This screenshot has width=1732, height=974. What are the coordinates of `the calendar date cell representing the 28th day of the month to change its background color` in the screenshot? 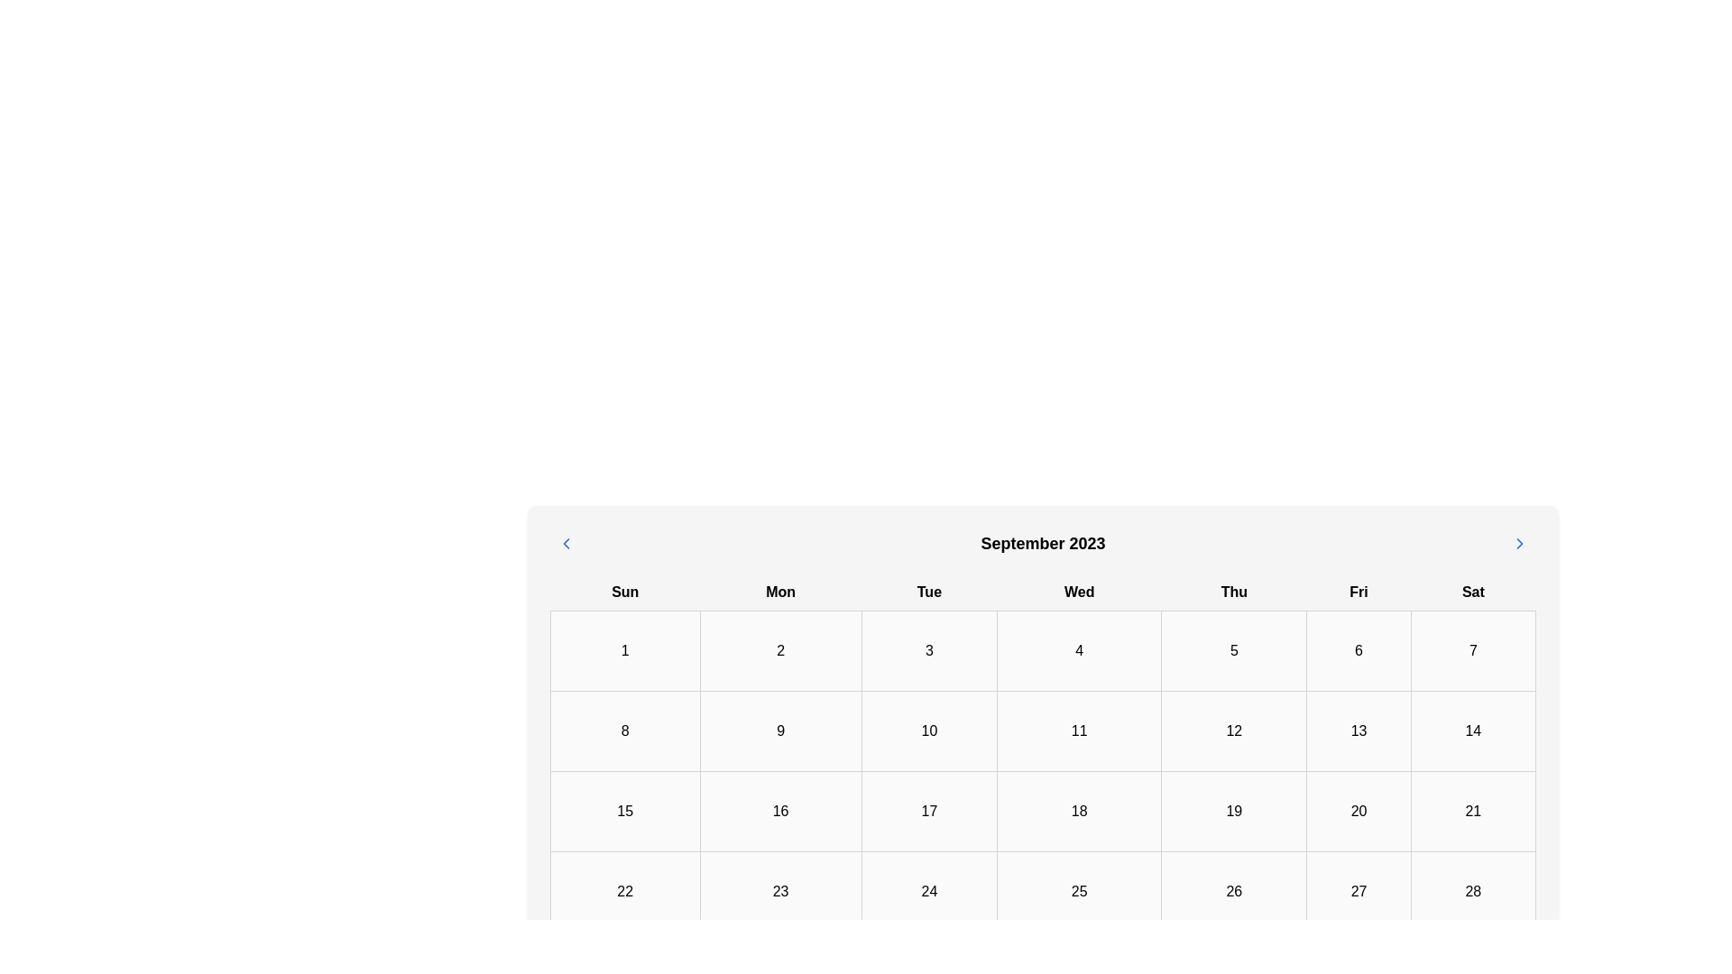 It's located at (1473, 890).